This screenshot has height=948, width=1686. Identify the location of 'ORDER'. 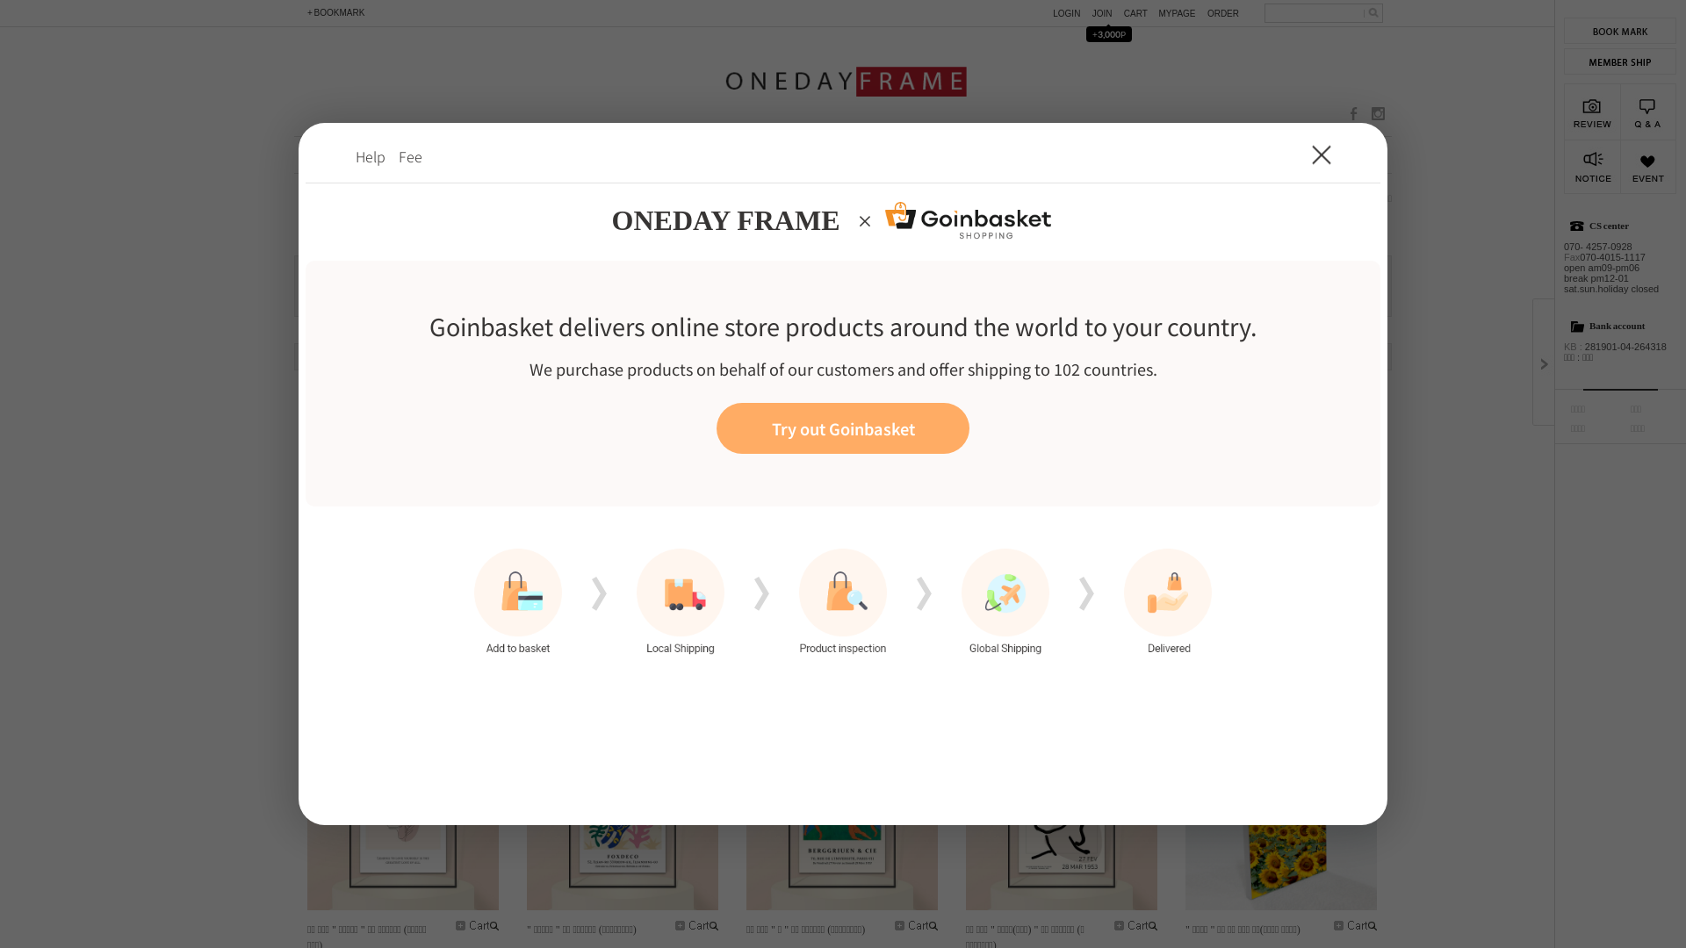
(1226, 13).